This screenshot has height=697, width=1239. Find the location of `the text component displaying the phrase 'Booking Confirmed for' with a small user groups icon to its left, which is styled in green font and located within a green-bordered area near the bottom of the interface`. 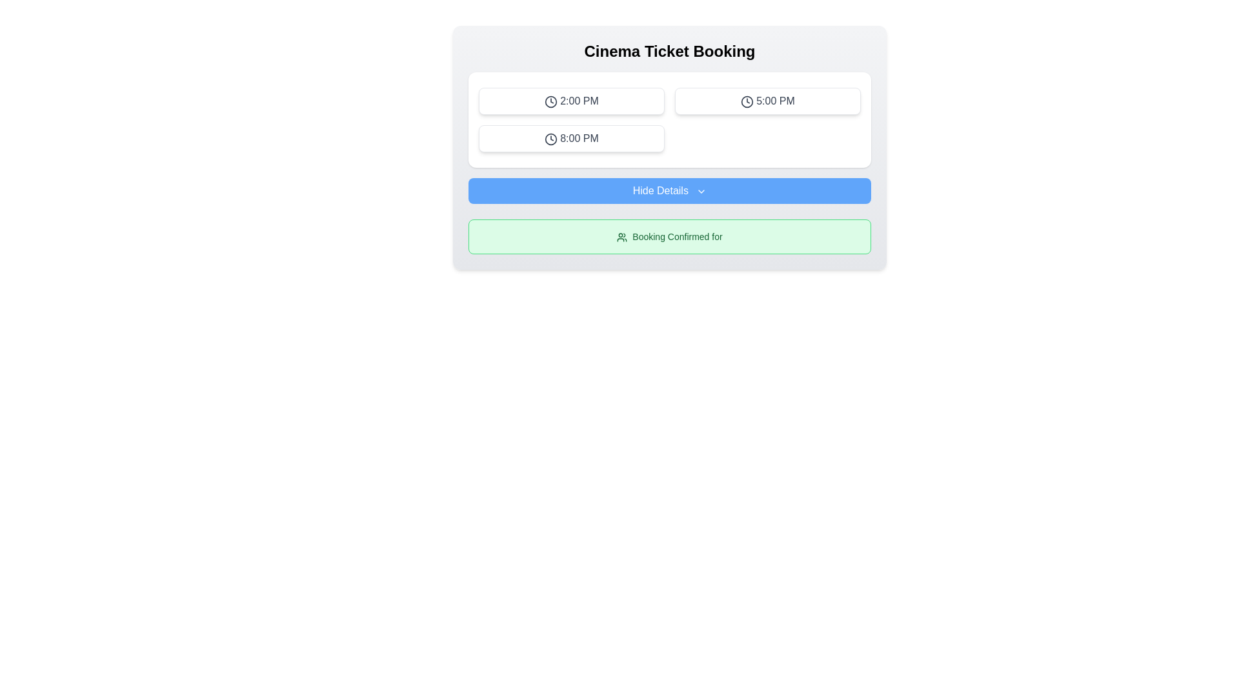

the text component displaying the phrase 'Booking Confirmed for' with a small user groups icon to its left, which is styled in green font and located within a green-bordered area near the bottom of the interface is located at coordinates (669, 236).